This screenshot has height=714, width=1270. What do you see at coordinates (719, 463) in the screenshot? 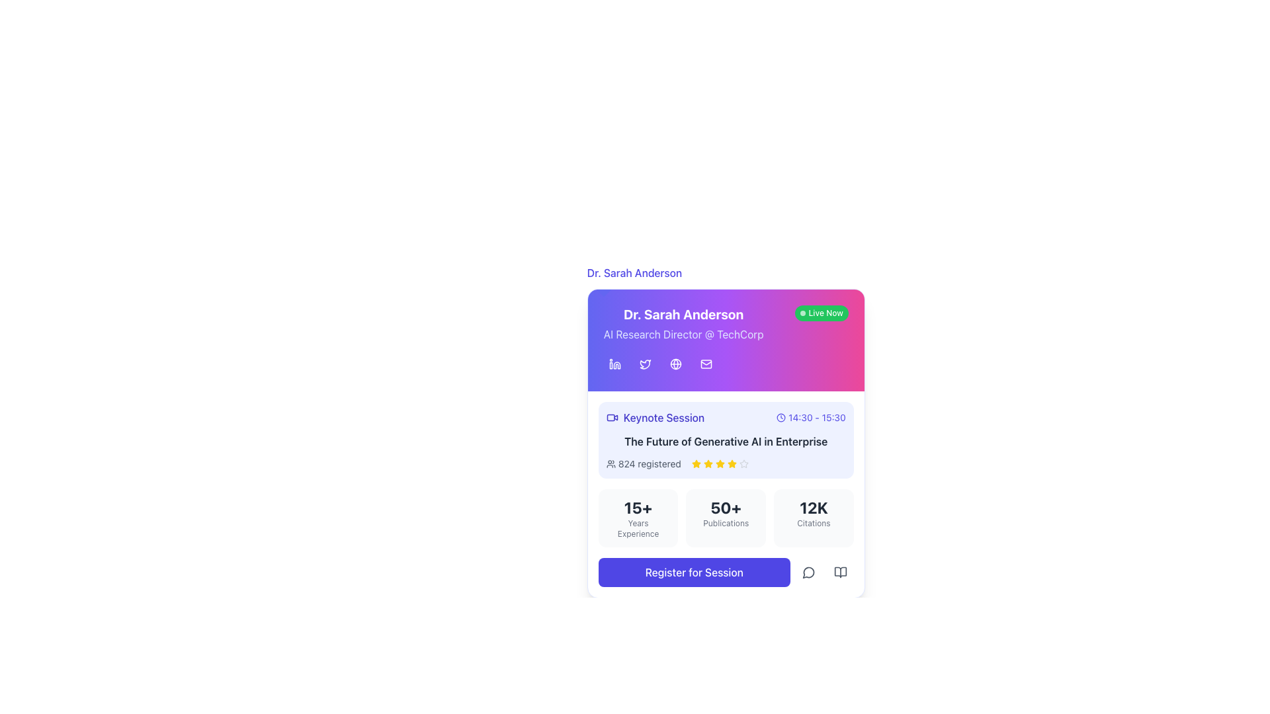
I see `the yellow star icon, which is the third star in a set of five, located to the right of the text 'The Future of Generative AI in Enterprise' within the card, to rate it` at bounding box center [719, 463].